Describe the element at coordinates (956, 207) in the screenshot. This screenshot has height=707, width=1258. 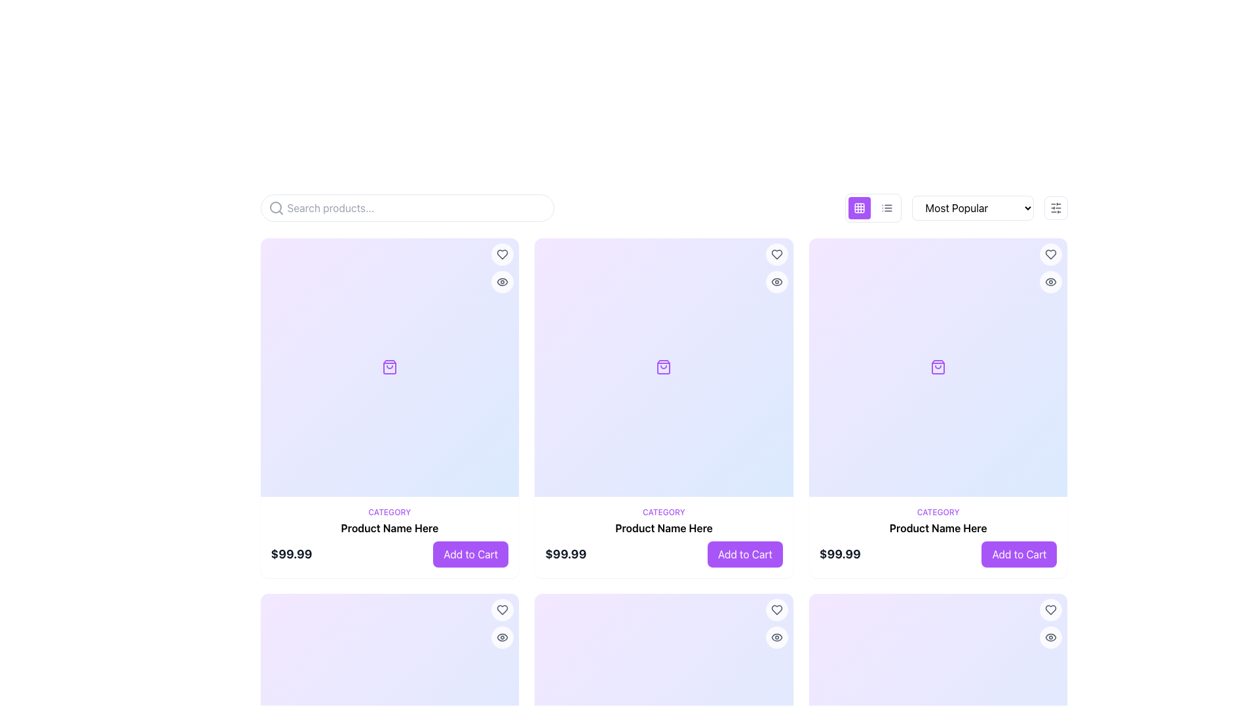
I see `the dropdown menu displaying 'Most Popular' with a white background and gray border` at that location.